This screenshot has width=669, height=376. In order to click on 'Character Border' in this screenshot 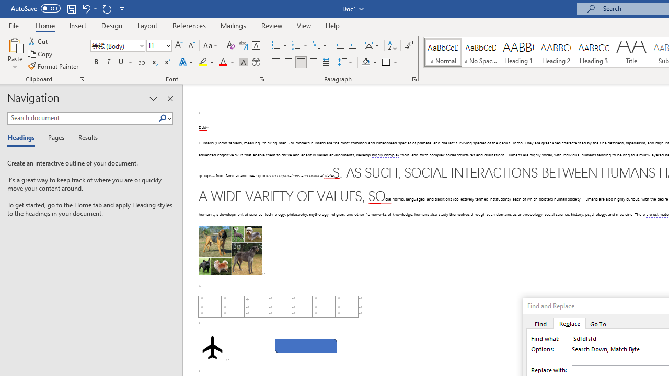, I will do `click(256, 45)`.